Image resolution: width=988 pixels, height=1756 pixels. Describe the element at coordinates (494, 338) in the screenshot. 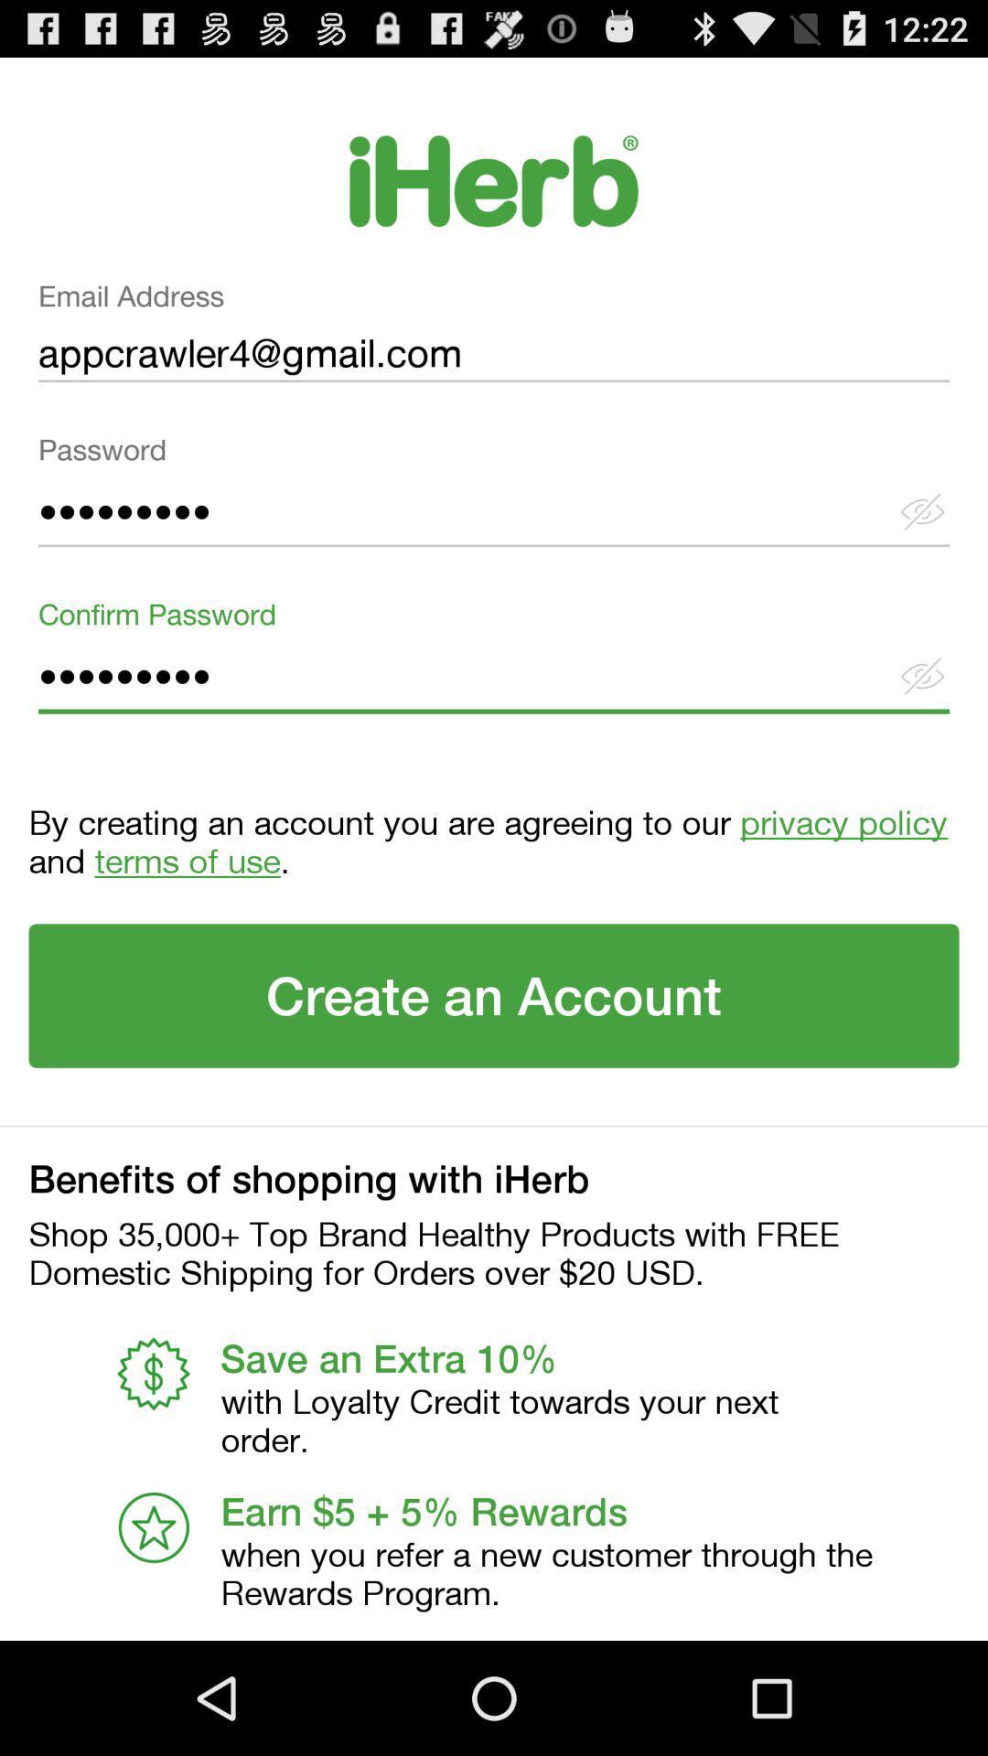

I see `the text email address` at that location.